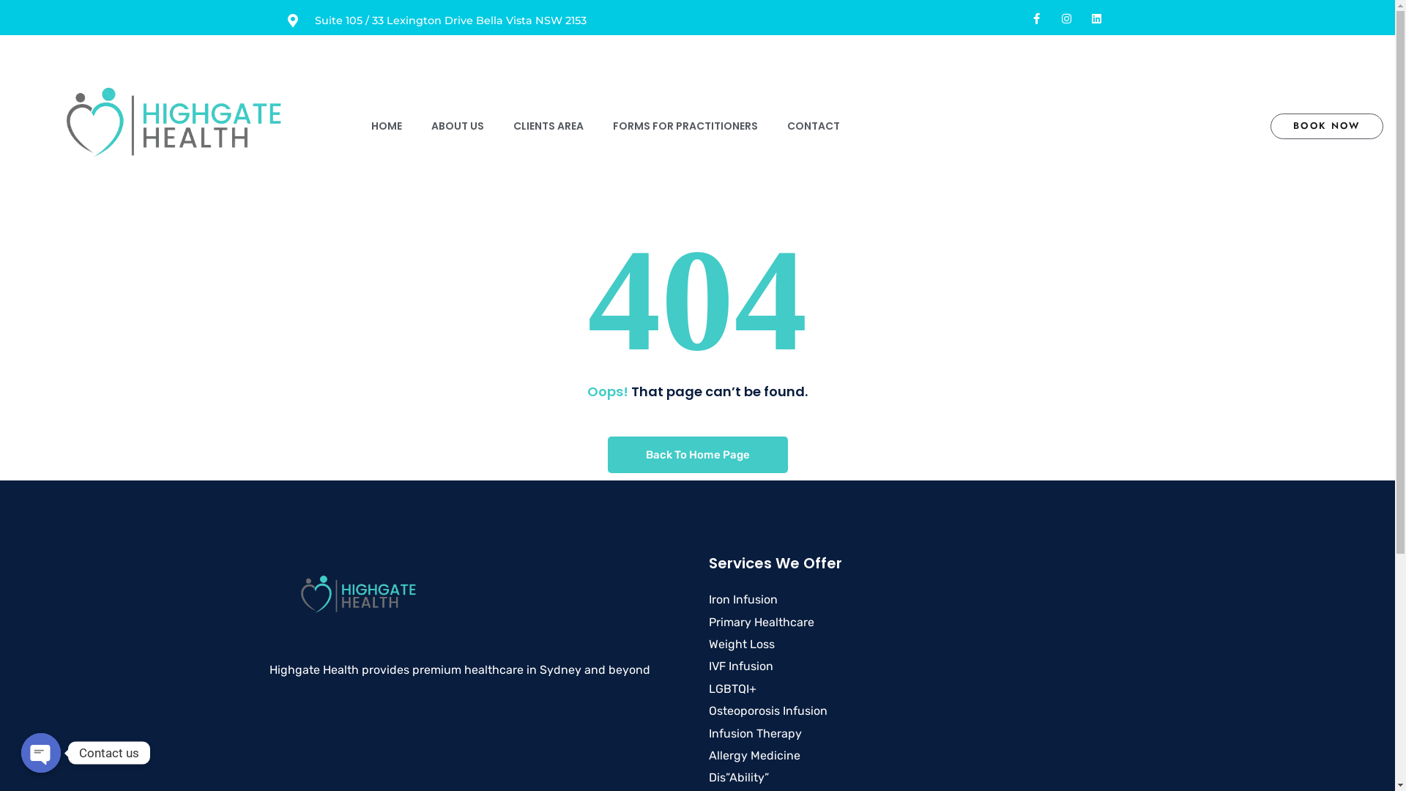 The height and width of the screenshot is (791, 1406). I want to click on 'CONTACT', so click(772, 125).